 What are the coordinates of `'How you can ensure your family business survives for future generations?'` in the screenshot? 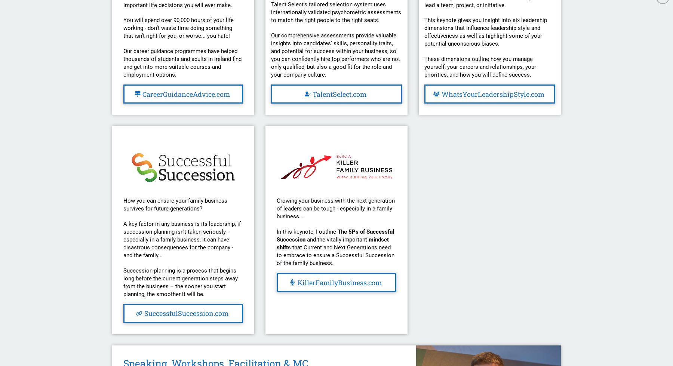 It's located at (175, 204).